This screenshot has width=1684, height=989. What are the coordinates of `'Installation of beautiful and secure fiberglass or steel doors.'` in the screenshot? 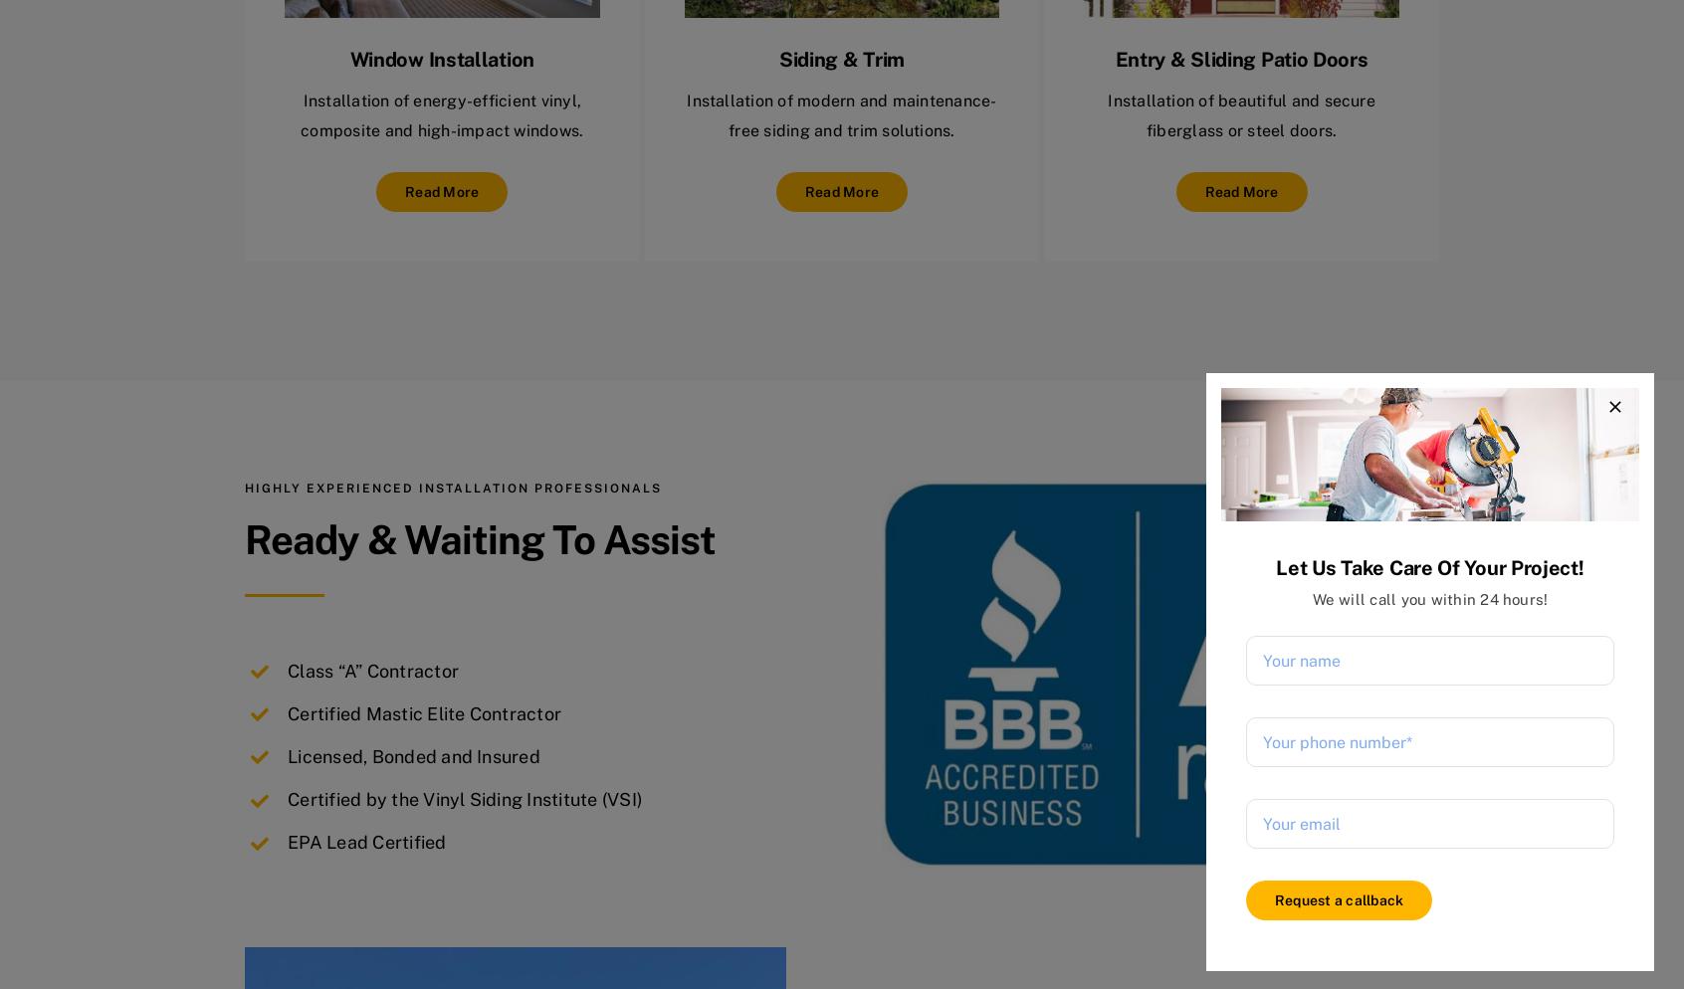 It's located at (1107, 113).